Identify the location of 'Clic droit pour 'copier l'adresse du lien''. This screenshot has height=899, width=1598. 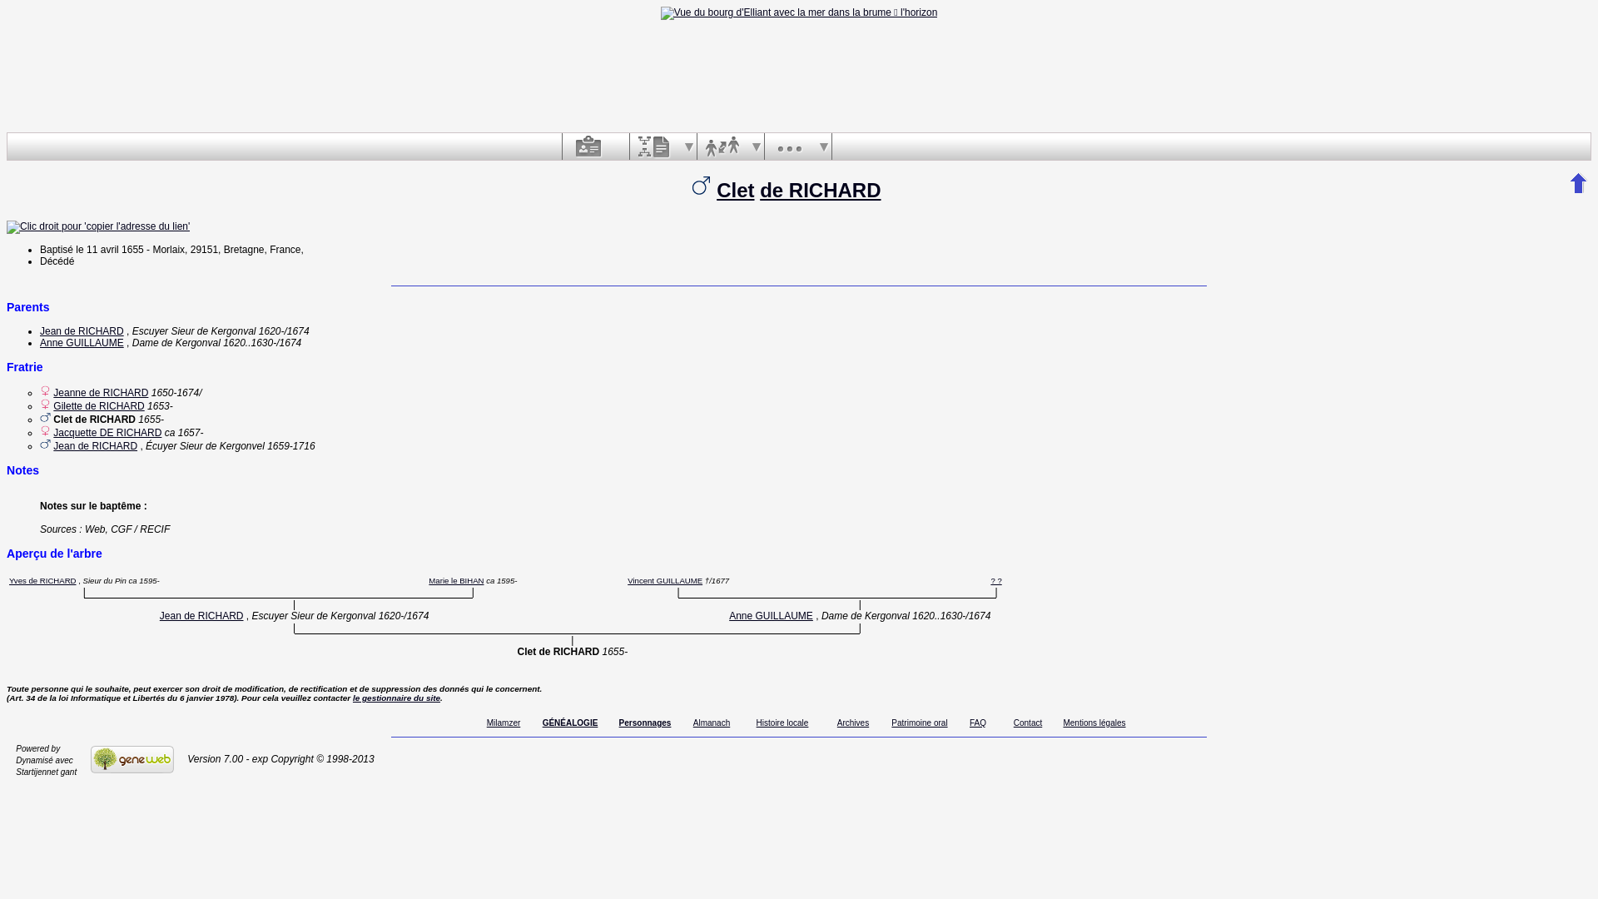
(97, 227).